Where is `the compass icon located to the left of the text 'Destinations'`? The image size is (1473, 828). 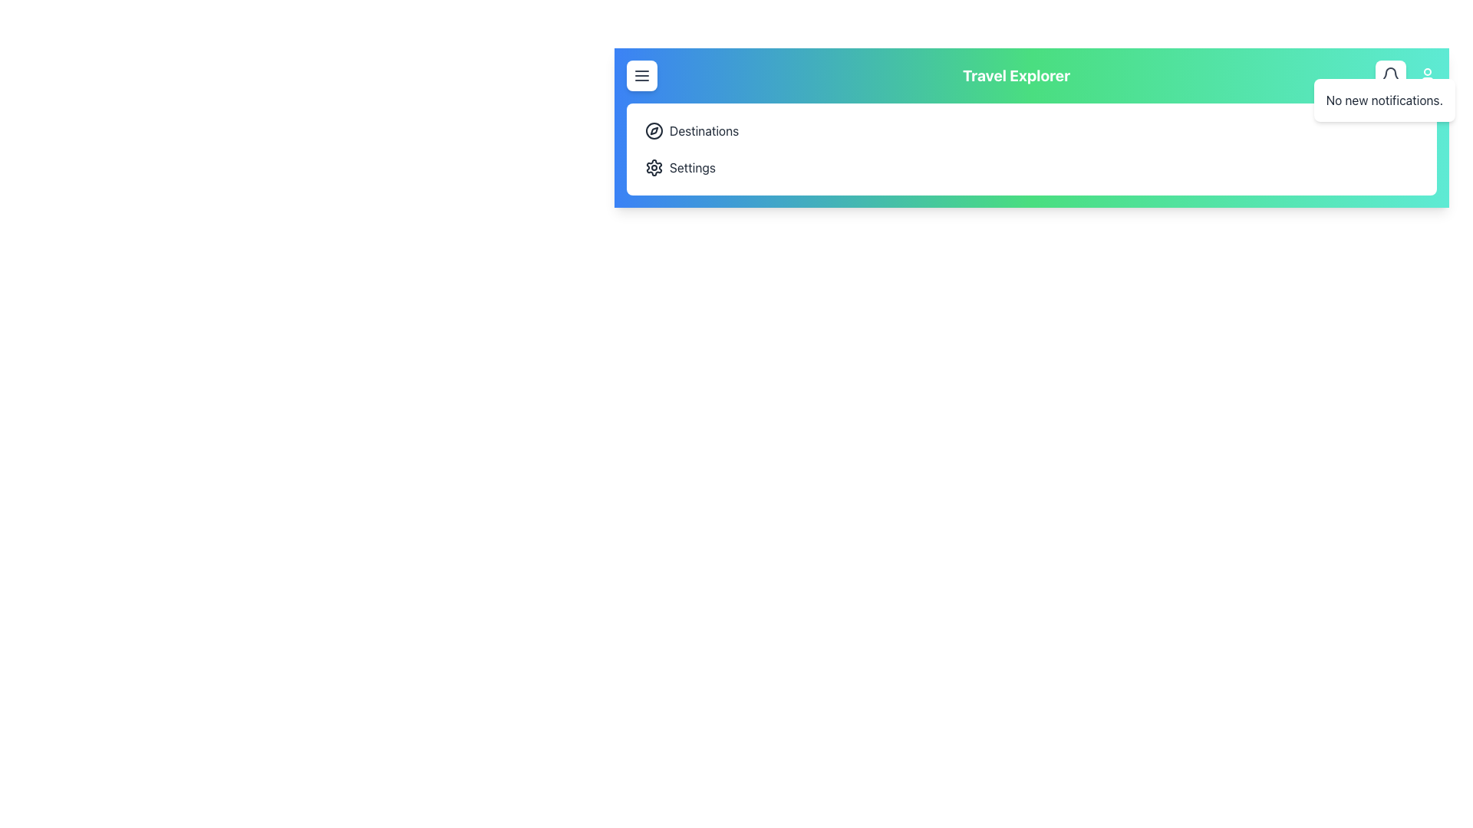
the compass icon located to the left of the text 'Destinations' is located at coordinates (654, 130).